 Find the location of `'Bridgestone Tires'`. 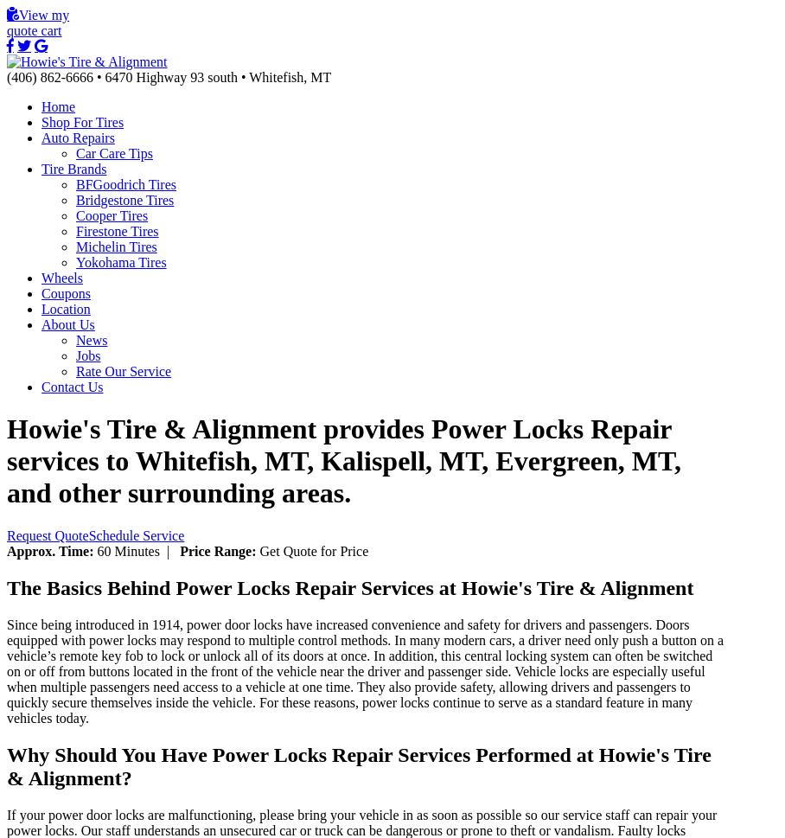

'Bridgestone Tires' is located at coordinates (124, 199).